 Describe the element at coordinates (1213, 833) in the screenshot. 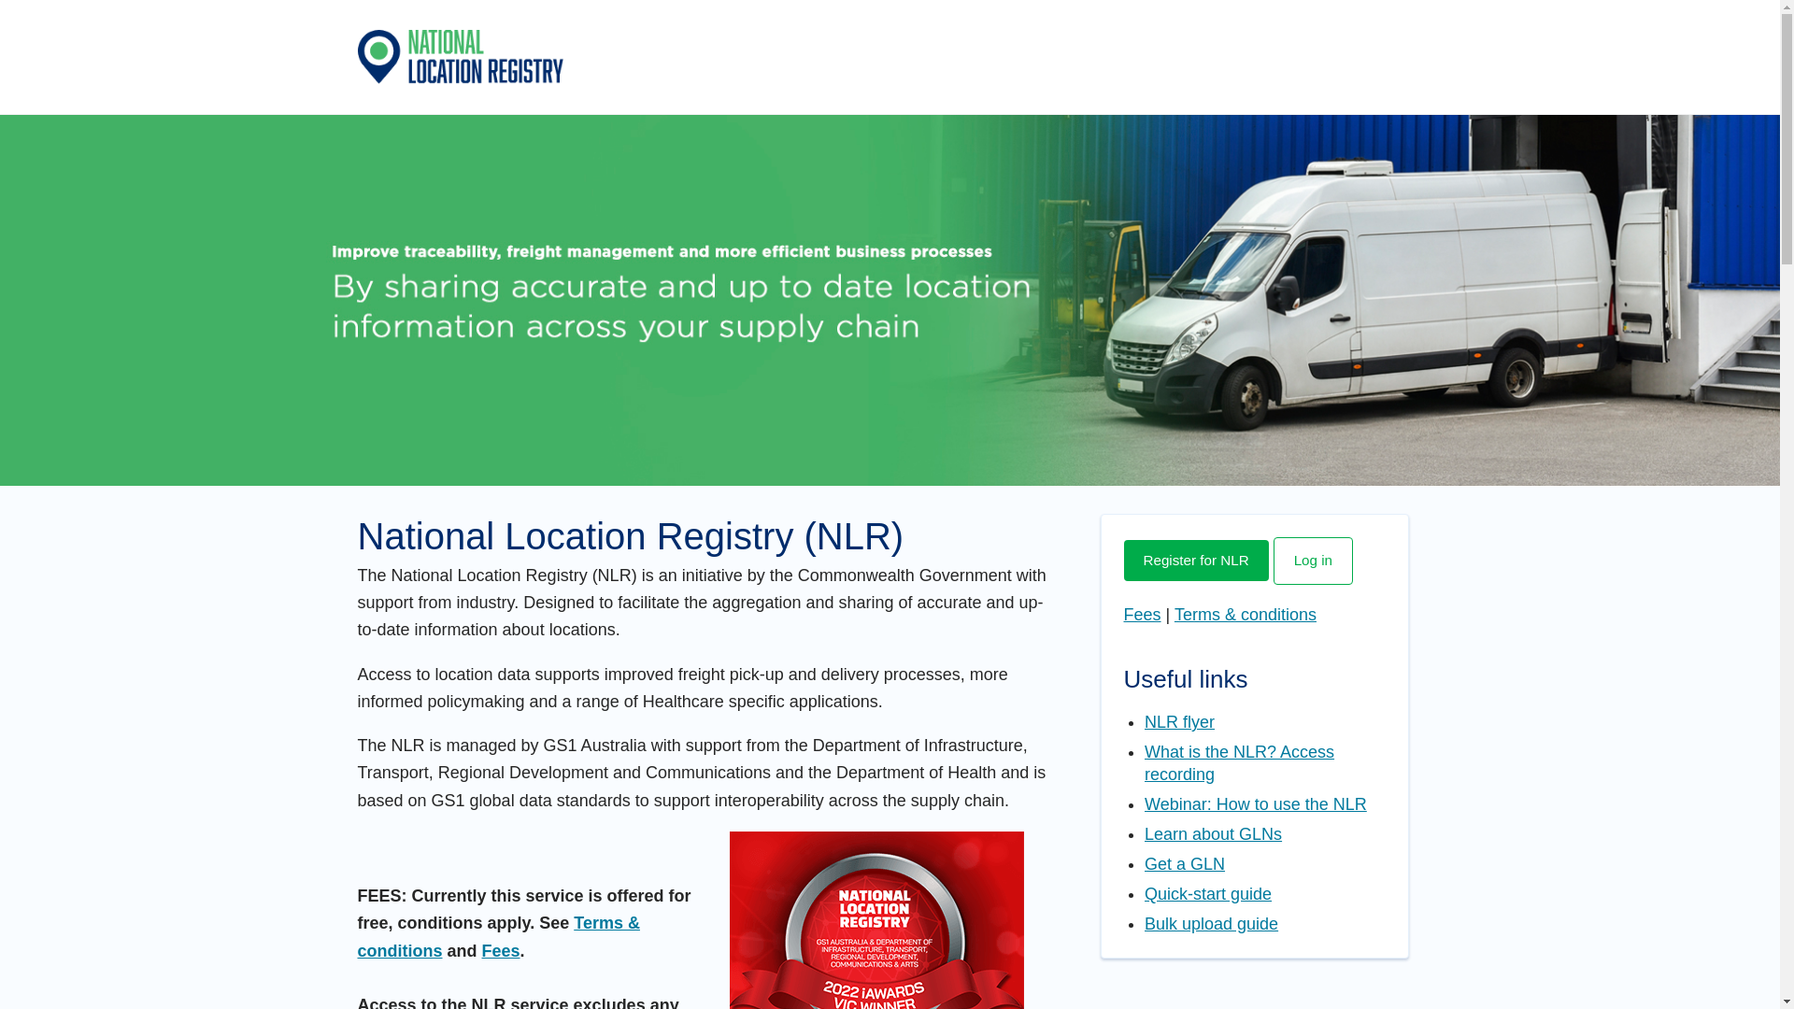

I see `'Learn about GLNs'` at that location.